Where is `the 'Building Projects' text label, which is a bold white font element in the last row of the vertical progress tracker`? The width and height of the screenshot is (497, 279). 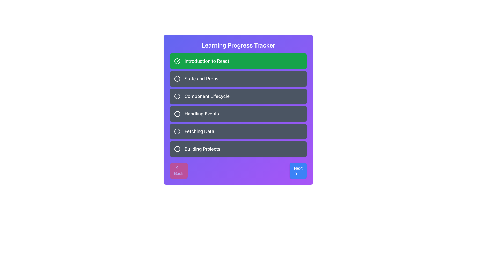 the 'Building Projects' text label, which is a bold white font element in the last row of the vertical progress tracker is located at coordinates (202, 149).